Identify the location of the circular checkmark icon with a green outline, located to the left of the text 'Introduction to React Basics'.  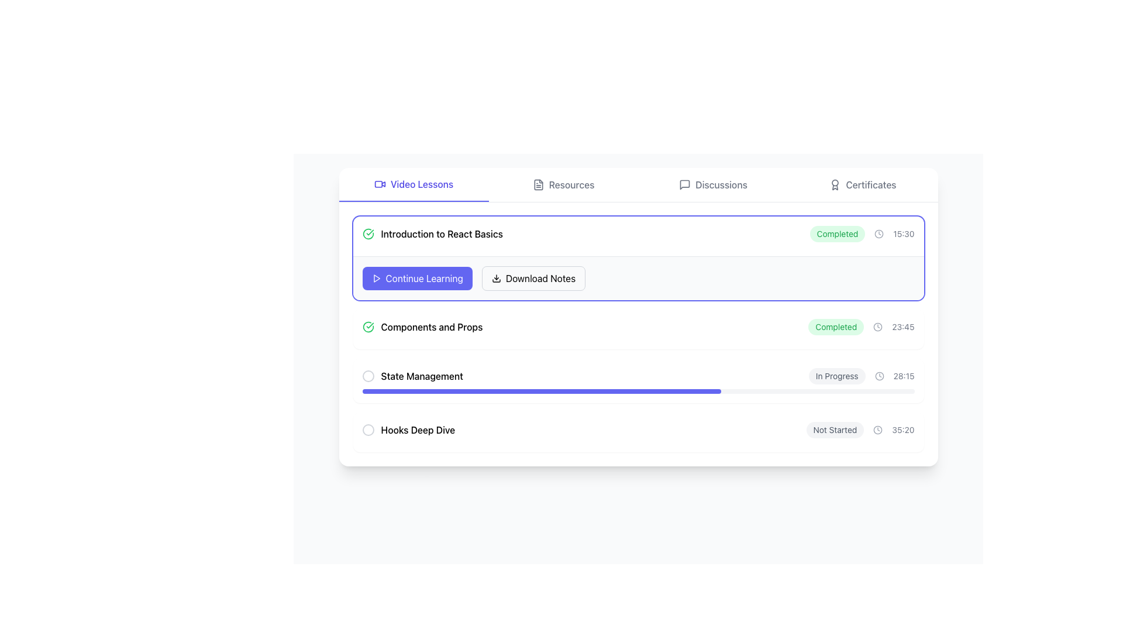
(367, 234).